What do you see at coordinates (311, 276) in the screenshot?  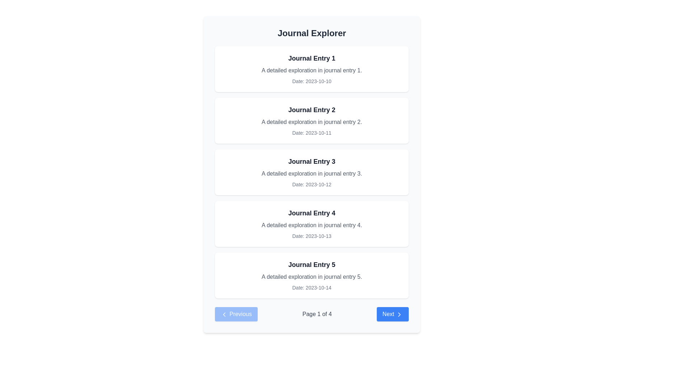 I see `textual description 'A detailed exploration in journal entry 5.' which is the second line of text in the card titled 'Journal Entry 5'` at bounding box center [311, 276].